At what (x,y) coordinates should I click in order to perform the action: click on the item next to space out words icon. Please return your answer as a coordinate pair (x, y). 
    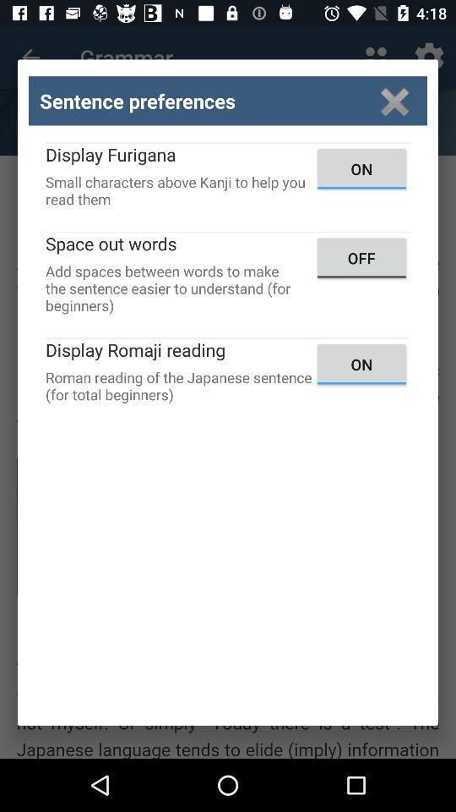
    Looking at the image, I should click on (361, 258).